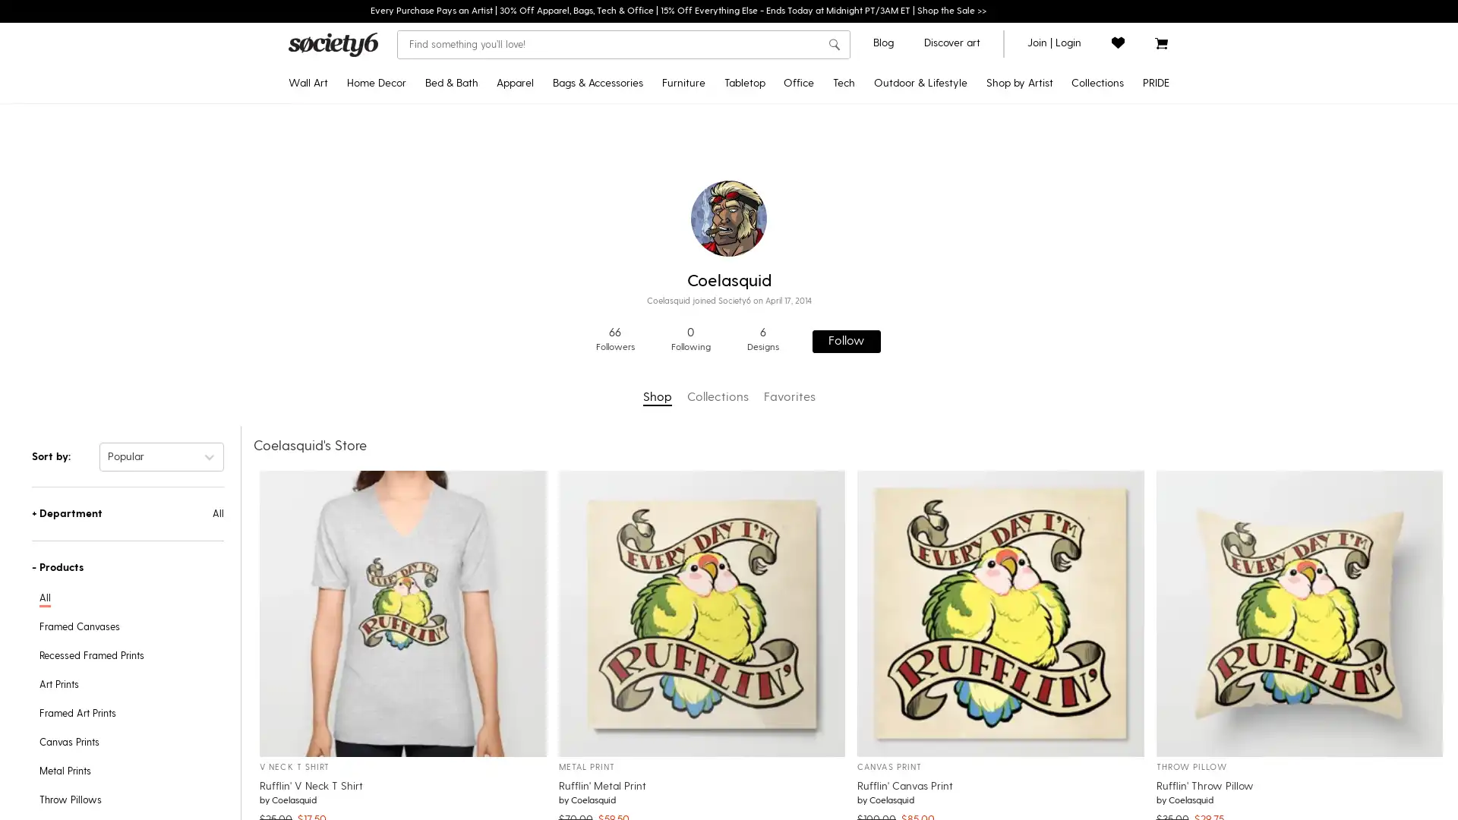 This screenshot has height=820, width=1458. What do you see at coordinates (563, 219) in the screenshot?
I see `All Over Graphic Tees` at bounding box center [563, 219].